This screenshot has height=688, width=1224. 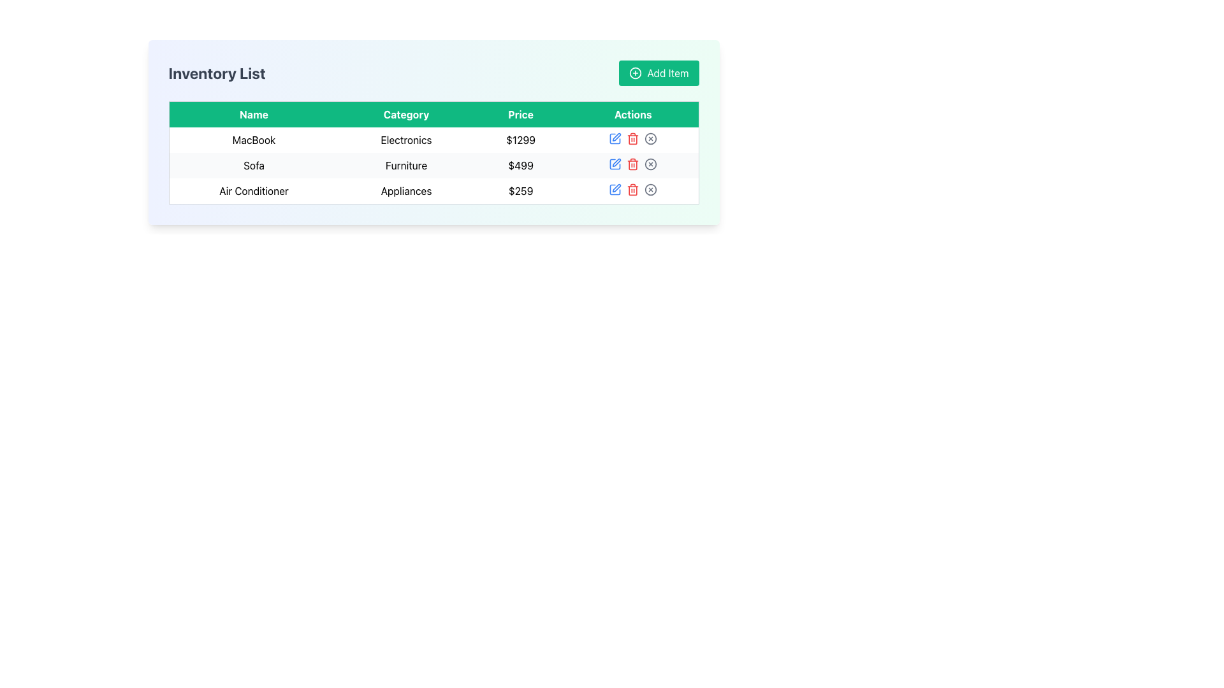 What do you see at coordinates (521, 191) in the screenshot?
I see `the Text Label displaying '$259' in black font, located in the third column of the third row of the inventory list table, adjacent to 'Appliances'` at bounding box center [521, 191].